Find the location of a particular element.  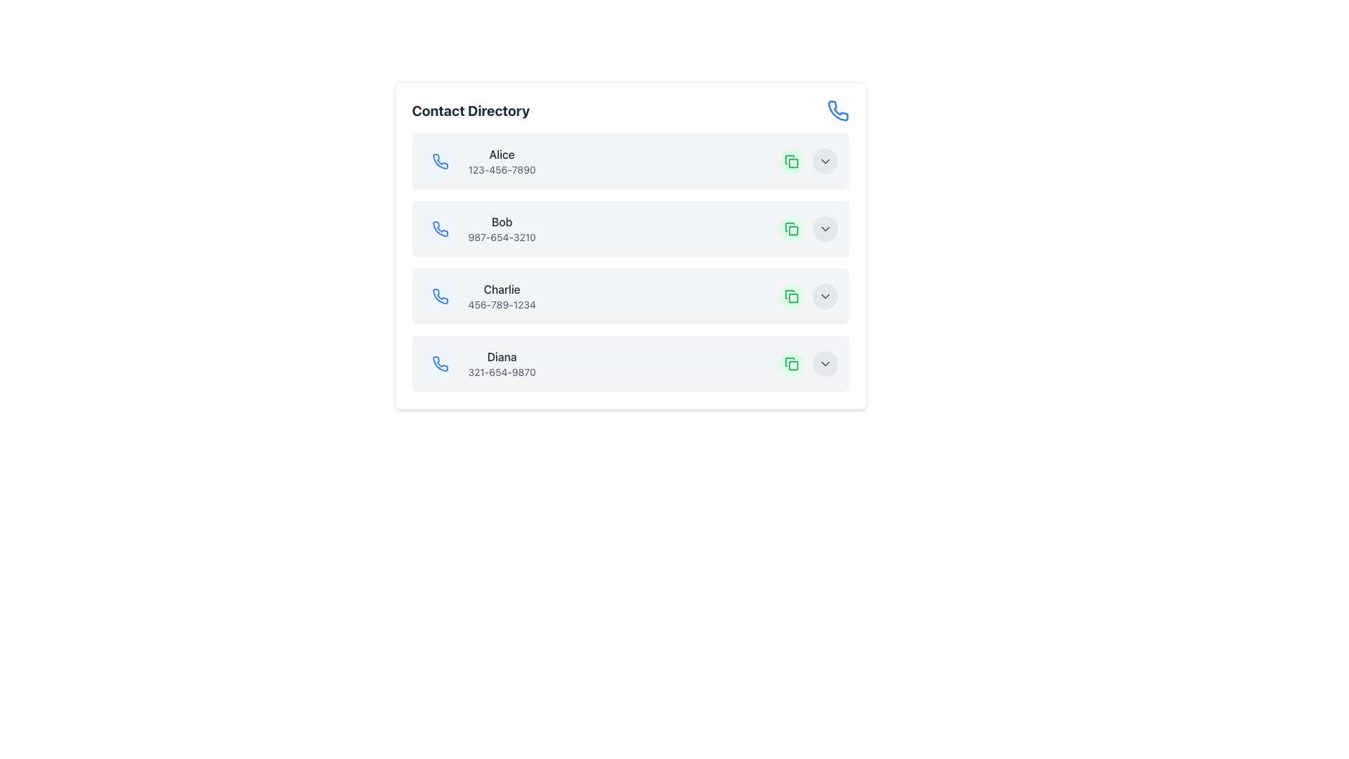

the button located in the first row of the contact directory next to 'Alice 123-456-7890' is located at coordinates (791, 161).